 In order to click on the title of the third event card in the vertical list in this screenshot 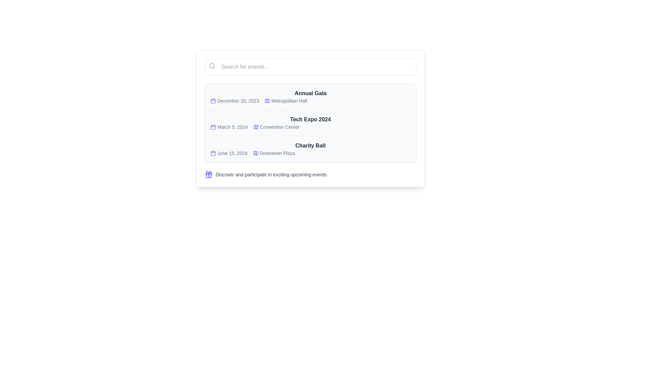, I will do `click(310, 148)`.